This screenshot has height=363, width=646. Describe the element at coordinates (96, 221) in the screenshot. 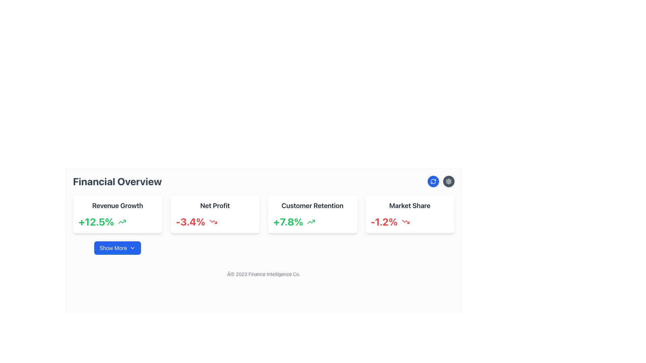

I see `the text display indicating a 12.5% increase in revenue located in the top-left section of the 'Revenue Growth' card in the Financial Overview dashboard` at that location.